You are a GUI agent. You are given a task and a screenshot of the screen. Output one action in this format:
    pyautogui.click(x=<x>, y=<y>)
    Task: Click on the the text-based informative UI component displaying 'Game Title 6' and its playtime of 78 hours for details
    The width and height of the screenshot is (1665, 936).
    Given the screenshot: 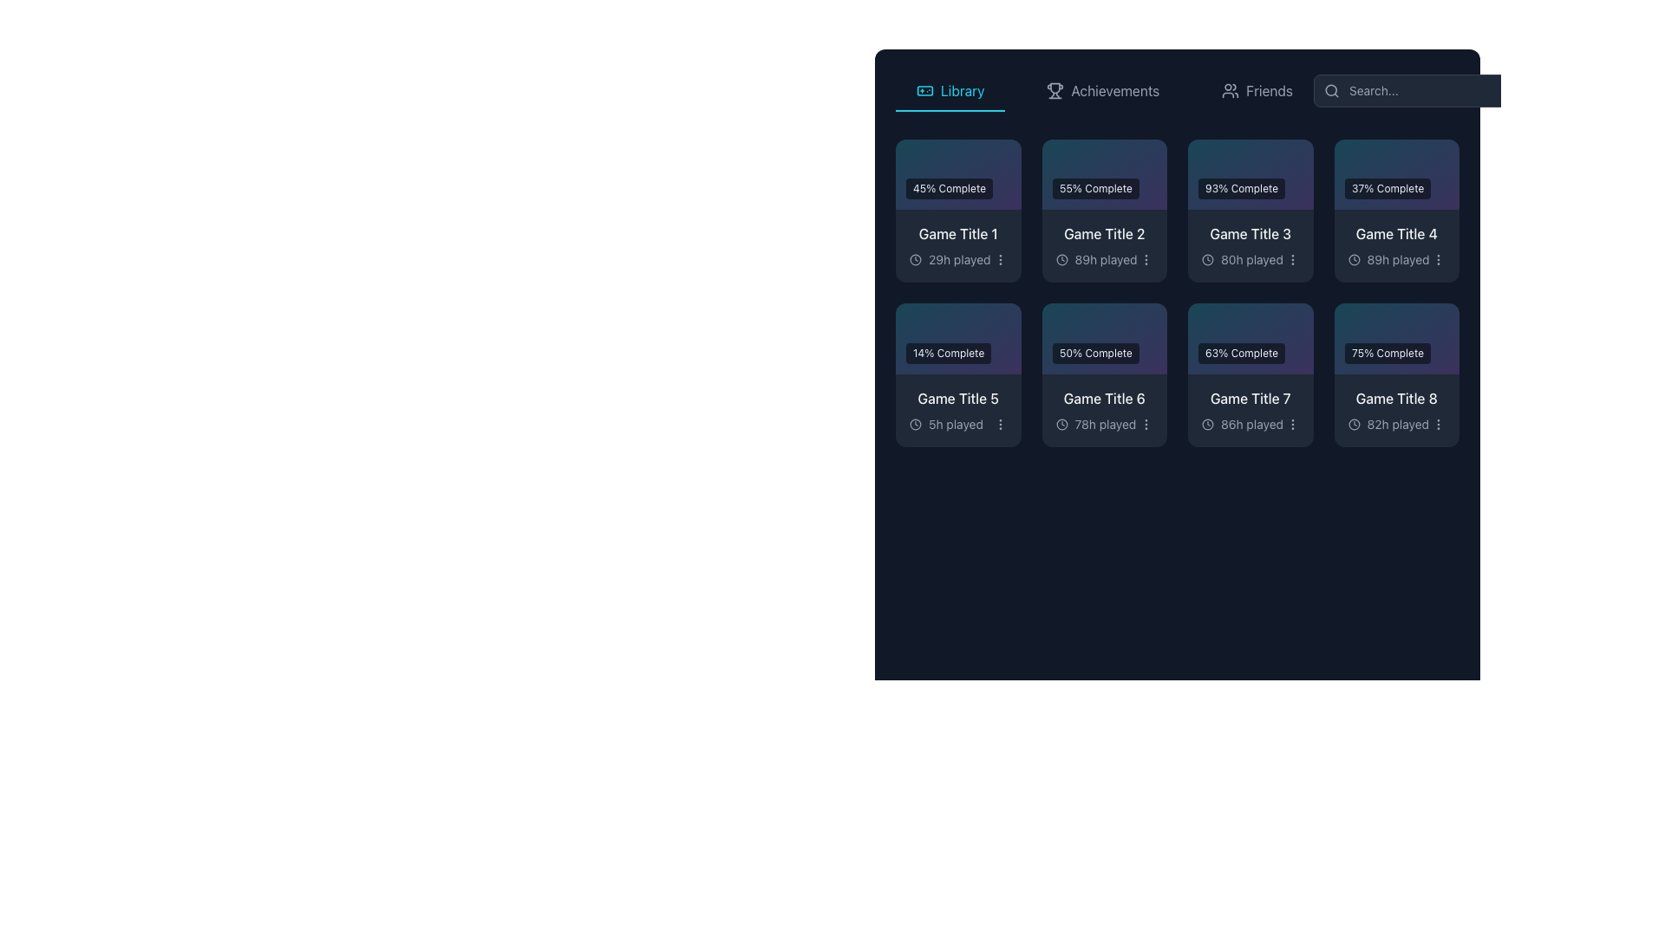 What is the action you would take?
    pyautogui.click(x=1103, y=410)
    